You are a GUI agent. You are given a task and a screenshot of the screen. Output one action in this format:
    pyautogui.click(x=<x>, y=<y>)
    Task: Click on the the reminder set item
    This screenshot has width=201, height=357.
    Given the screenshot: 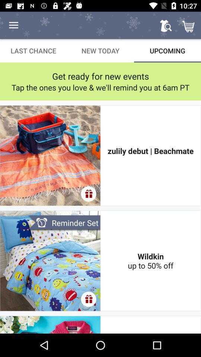 What is the action you would take?
    pyautogui.click(x=64, y=223)
    